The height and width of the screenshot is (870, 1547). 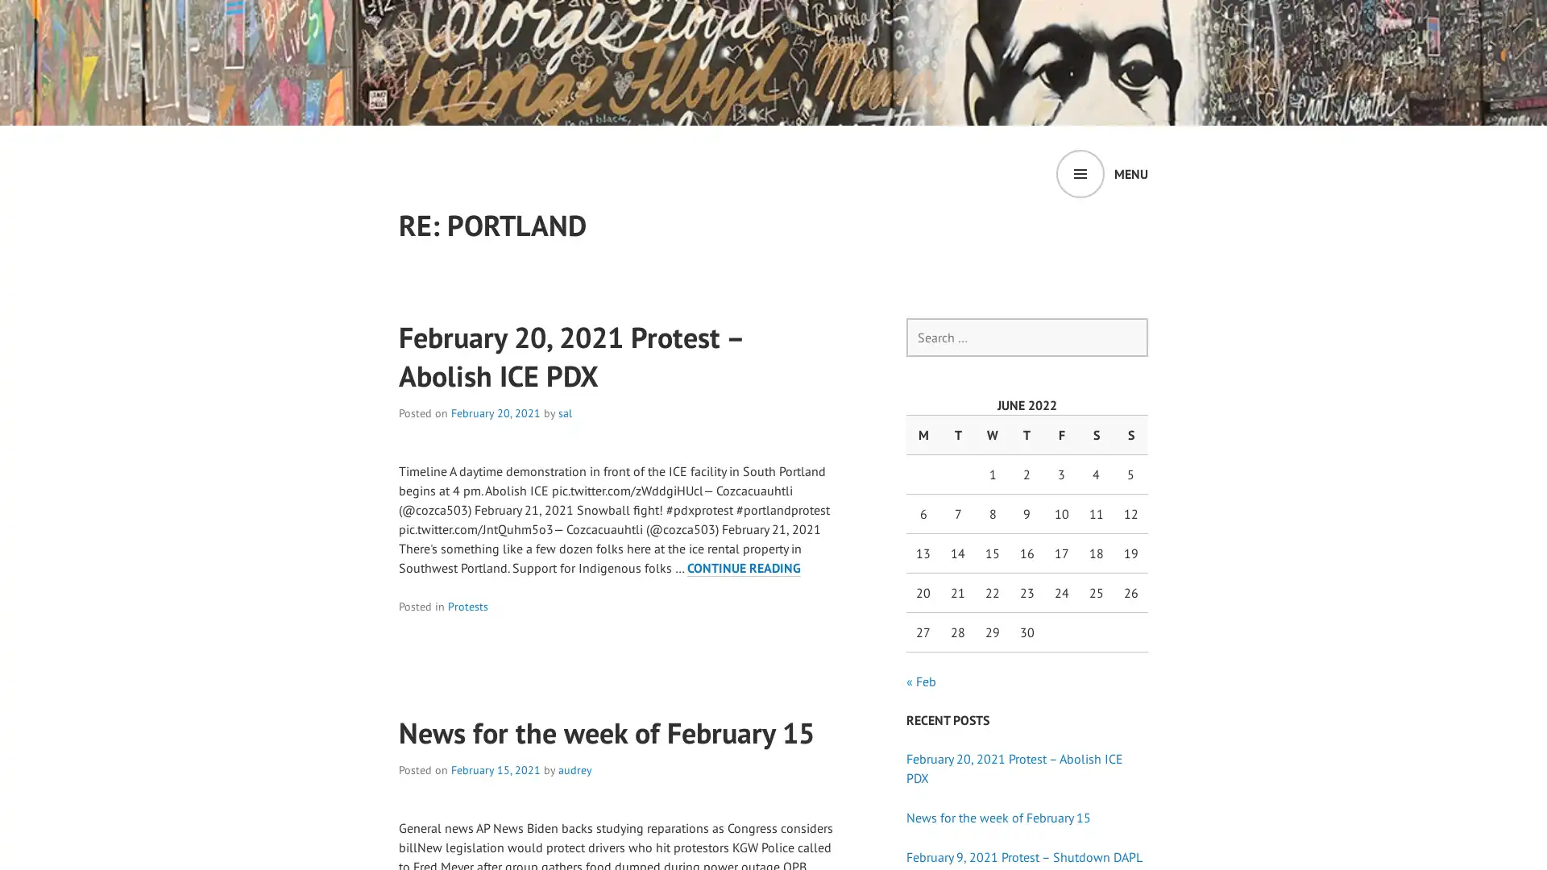 What do you see at coordinates (1101, 174) in the screenshot?
I see `MENU` at bounding box center [1101, 174].